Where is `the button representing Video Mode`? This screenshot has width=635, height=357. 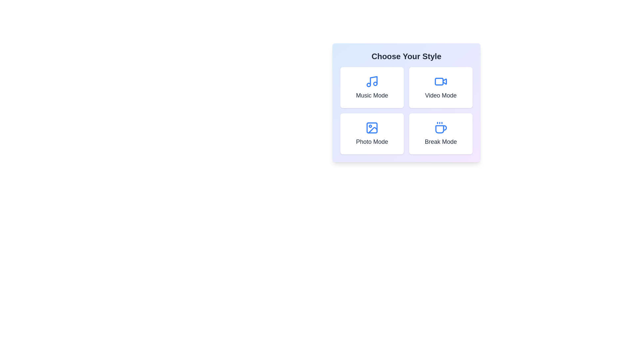
the button representing Video Mode is located at coordinates (441, 87).